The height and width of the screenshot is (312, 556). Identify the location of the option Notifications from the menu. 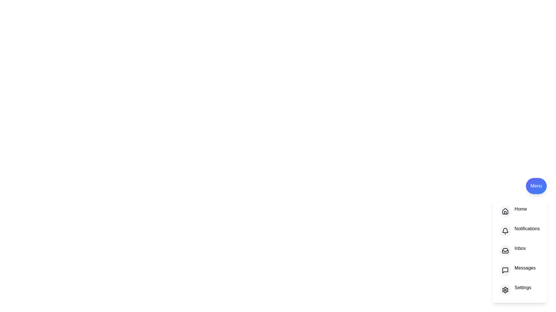
(504, 231).